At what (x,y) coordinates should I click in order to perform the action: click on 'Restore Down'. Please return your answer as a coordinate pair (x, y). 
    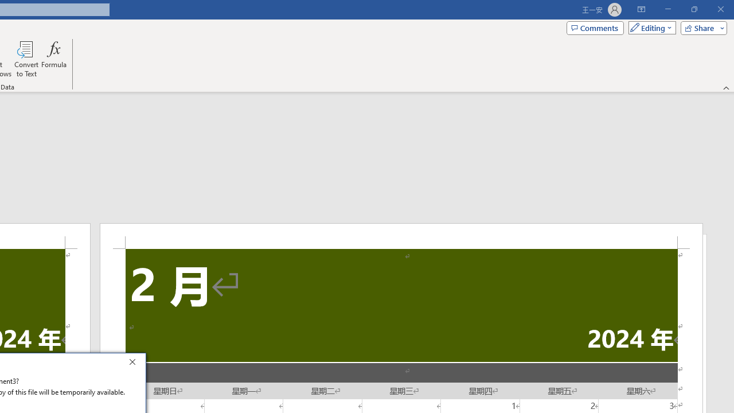
    Looking at the image, I should click on (693, 9).